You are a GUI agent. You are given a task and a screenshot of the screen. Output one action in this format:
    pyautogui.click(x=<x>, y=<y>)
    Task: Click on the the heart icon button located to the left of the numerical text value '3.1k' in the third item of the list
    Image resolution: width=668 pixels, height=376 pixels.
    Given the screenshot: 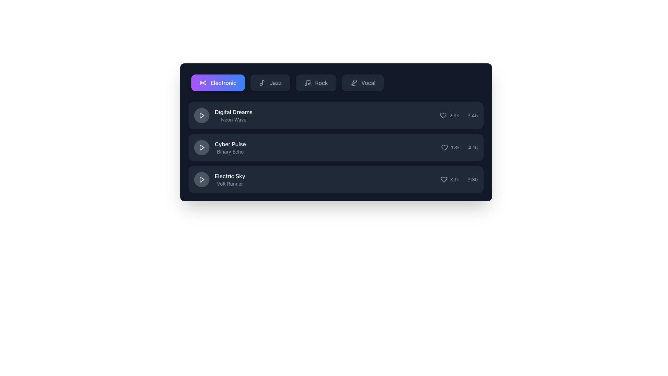 What is the action you would take?
    pyautogui.click(x=444, y=179)
    